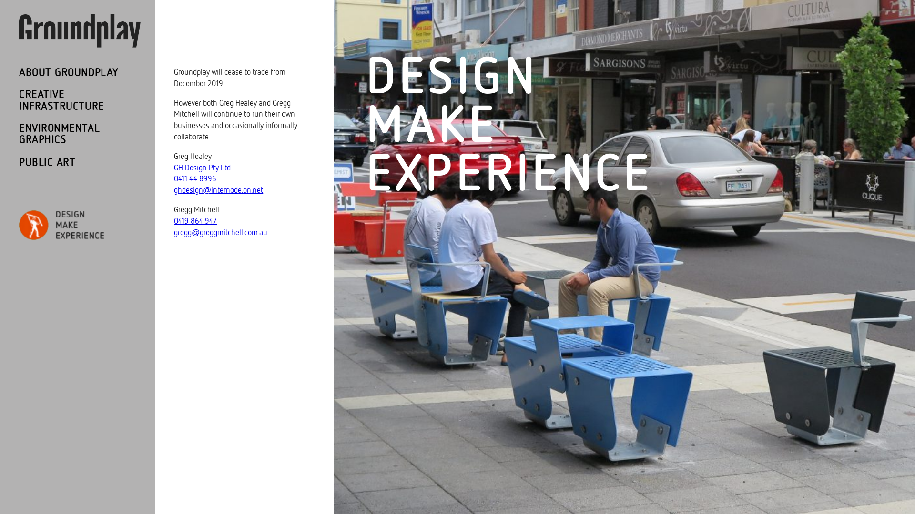 Image resolution: width=915 pixels, height=514 pixels. I want to click on 'ENVIRONMENTAL GRAPHICS', so click(71, 134).